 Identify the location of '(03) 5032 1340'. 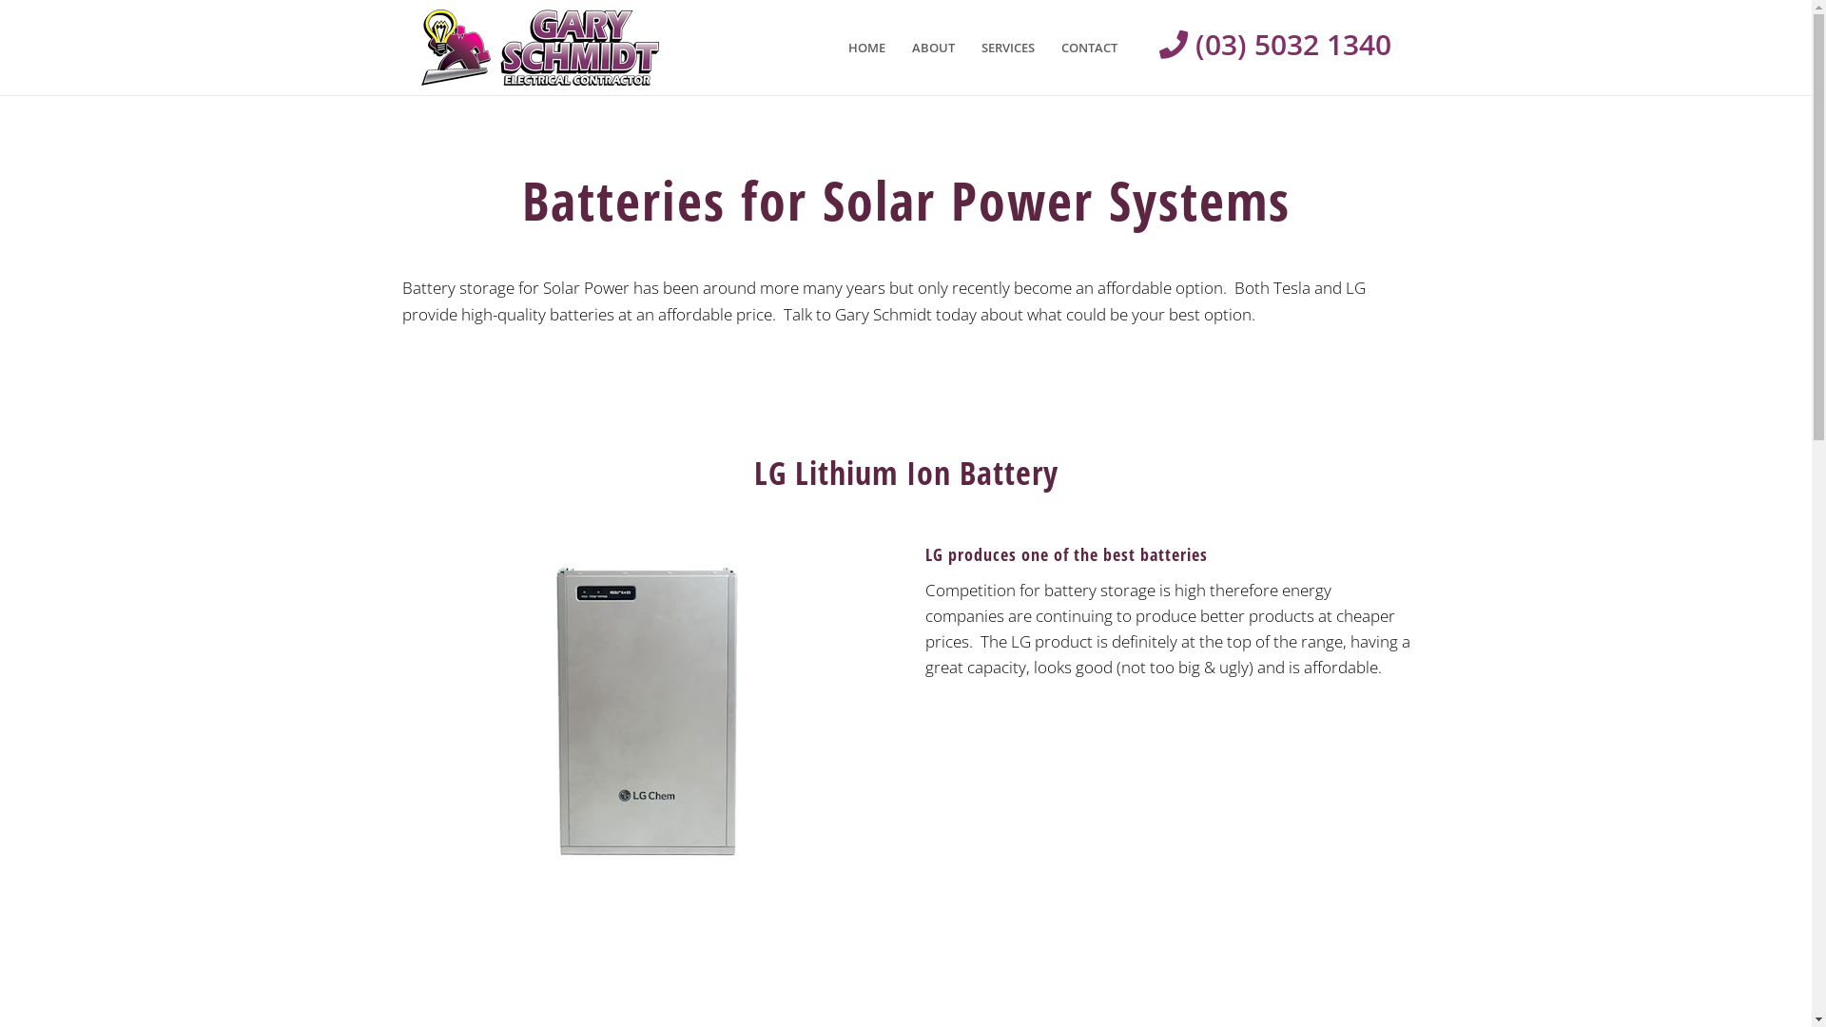
(1259, 43).